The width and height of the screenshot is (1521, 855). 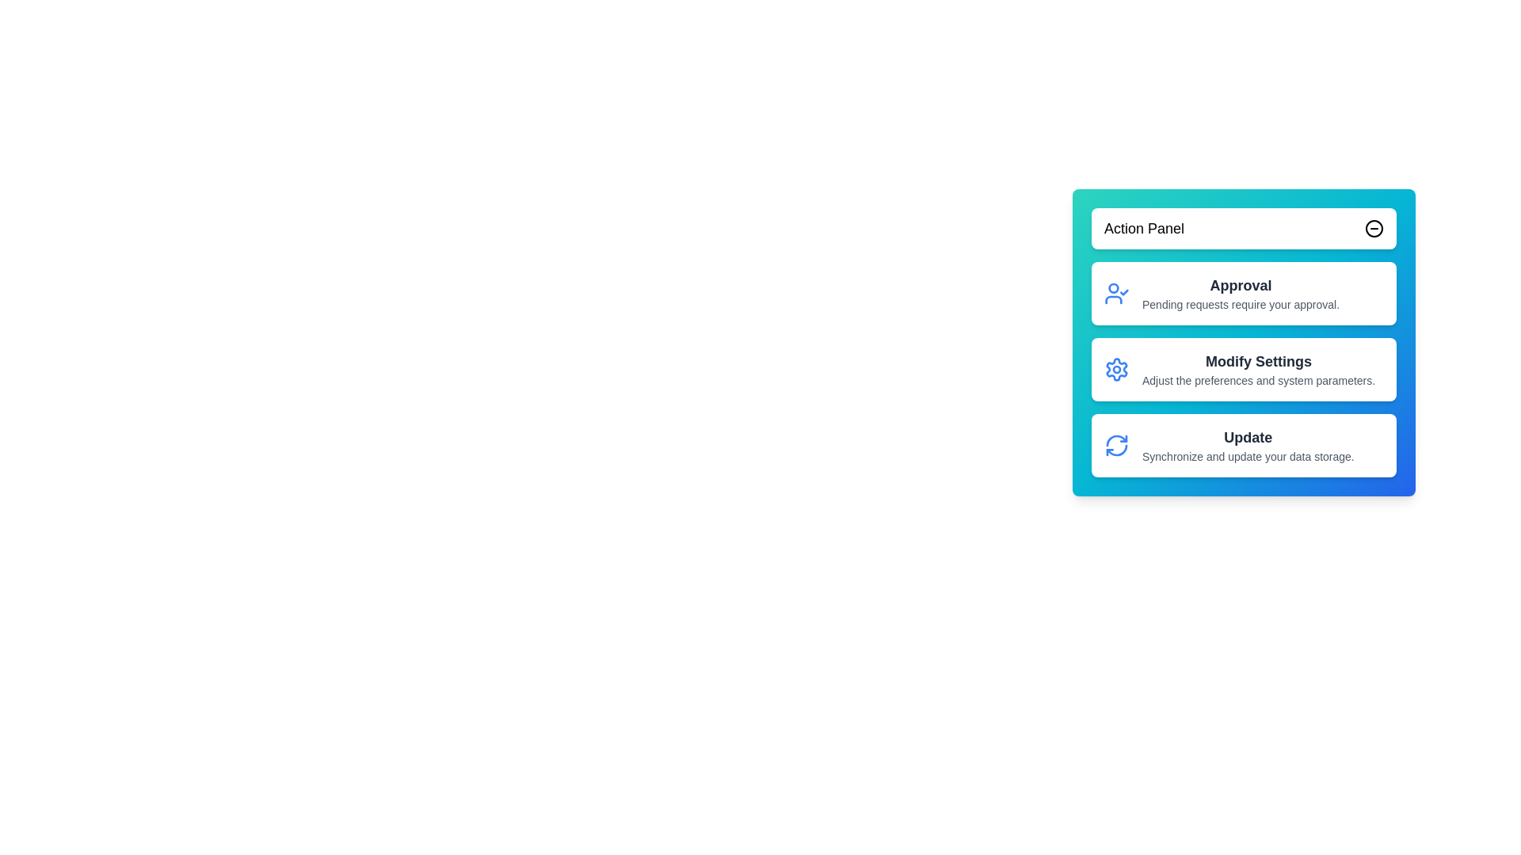 I want to click on the 'Update' button to synchronize and update your data storage, so click(x=1243, y=446).